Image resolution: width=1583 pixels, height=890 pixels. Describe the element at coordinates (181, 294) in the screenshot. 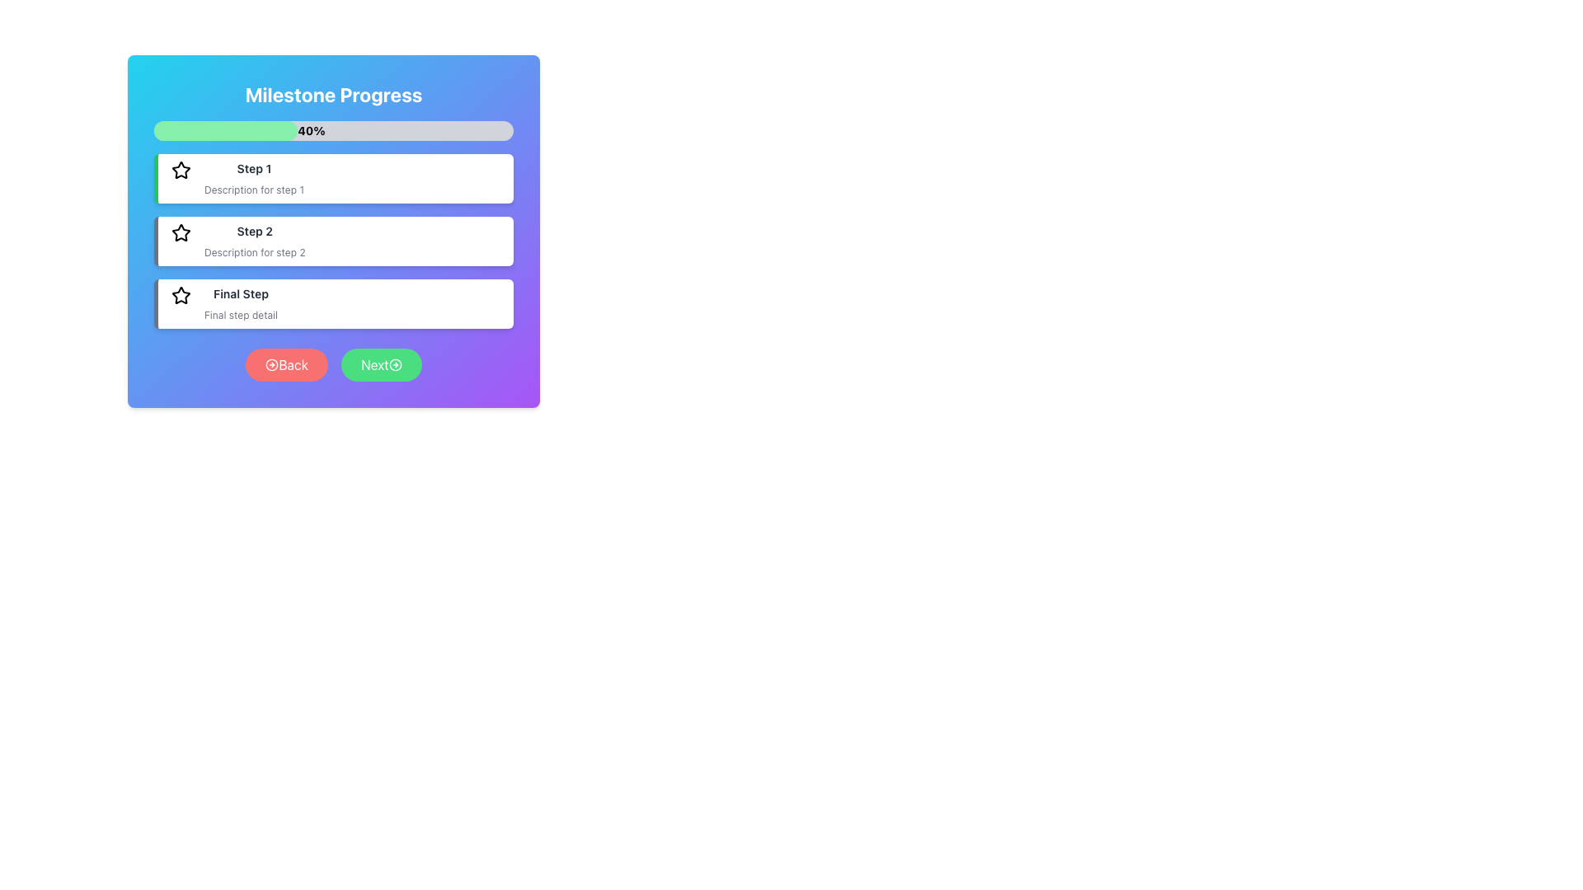

I see `the icon representing the 'Final Step' section` at that location.